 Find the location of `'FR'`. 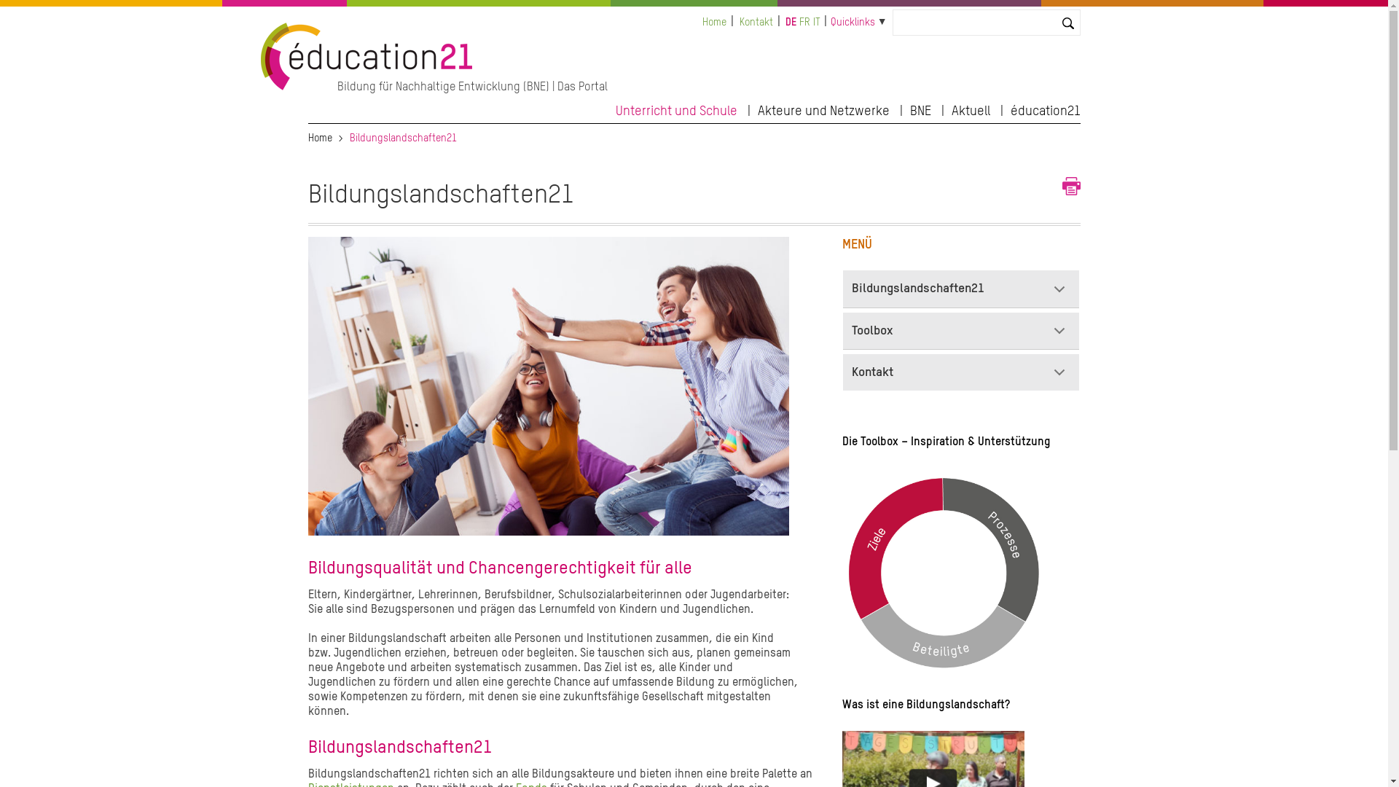

'FR' is located at coordinates (804, 22).